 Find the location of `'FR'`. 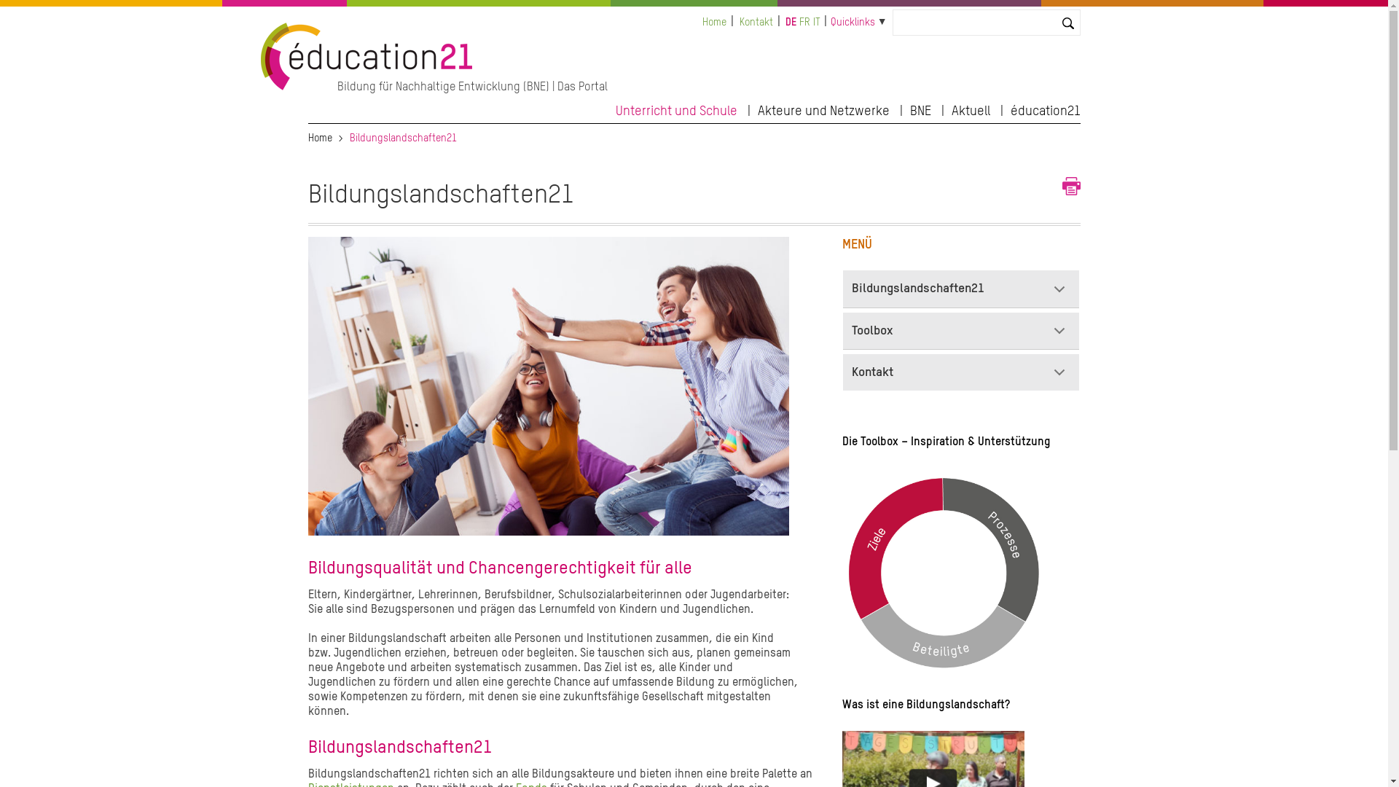

'FR' is located at coordinates (804, 22).